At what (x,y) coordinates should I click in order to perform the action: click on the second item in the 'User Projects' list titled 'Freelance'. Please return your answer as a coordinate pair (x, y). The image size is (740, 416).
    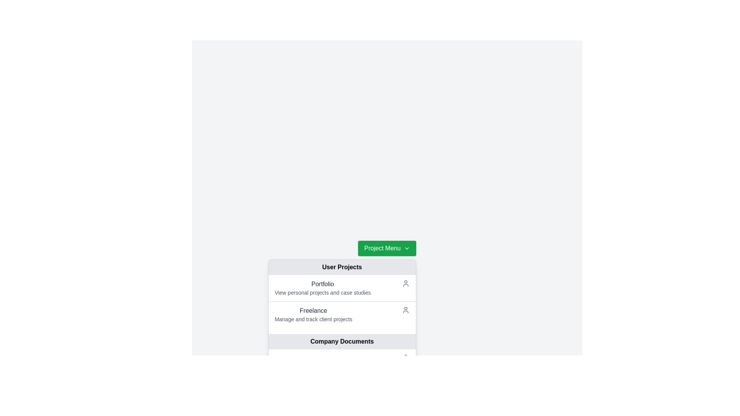
    Looking at the image, I should click on (341, 314).